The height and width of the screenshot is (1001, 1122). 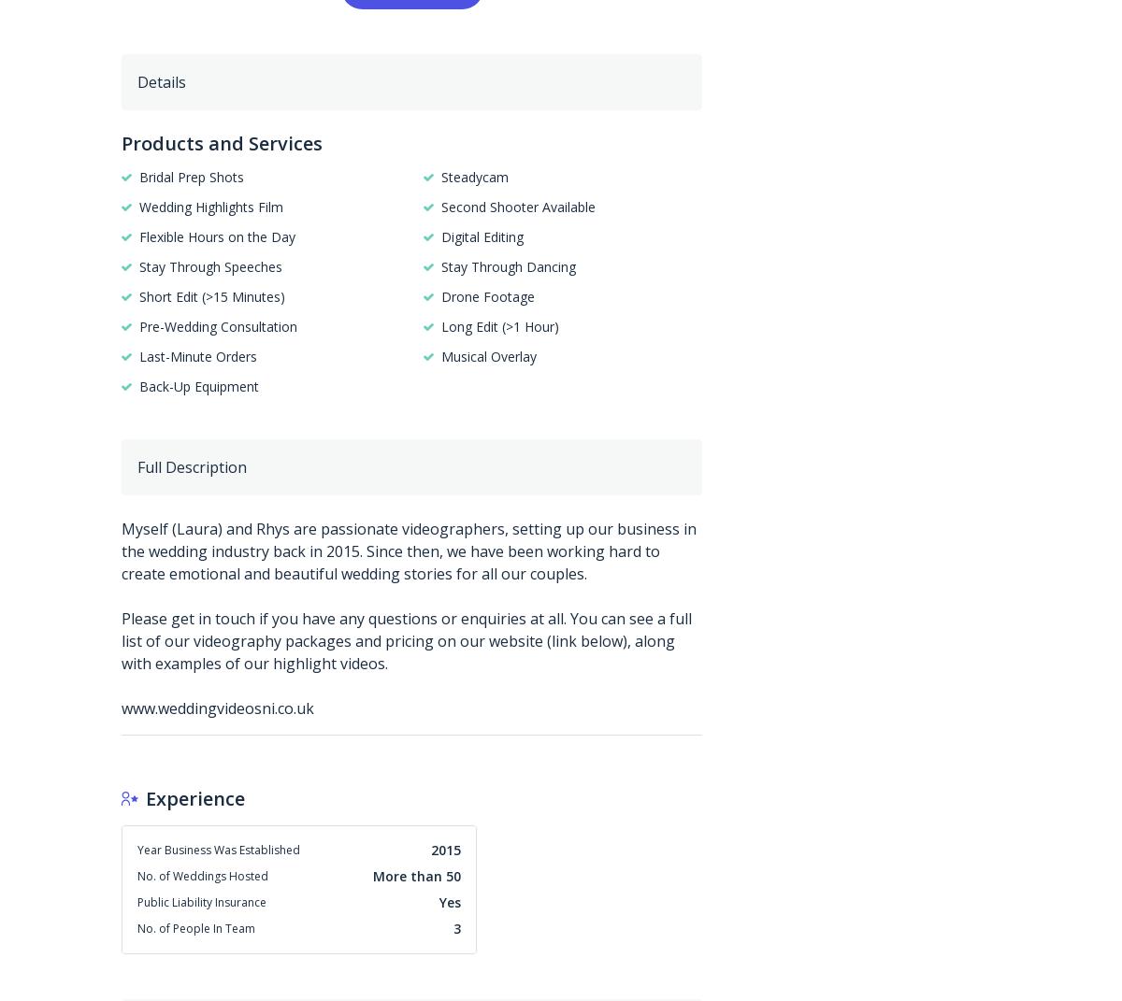 What do you see at coordinates (445, 849) in the screenshot?
I see `'2015'` at bounding box center [445, 849].